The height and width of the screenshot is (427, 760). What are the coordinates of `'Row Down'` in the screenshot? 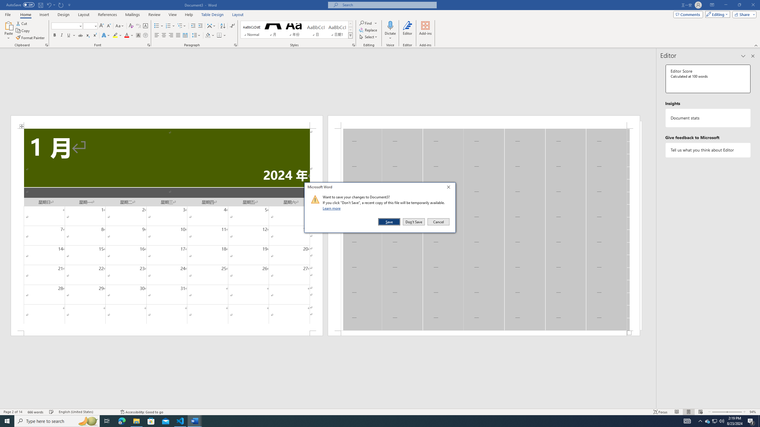 It's located at (350, 29).